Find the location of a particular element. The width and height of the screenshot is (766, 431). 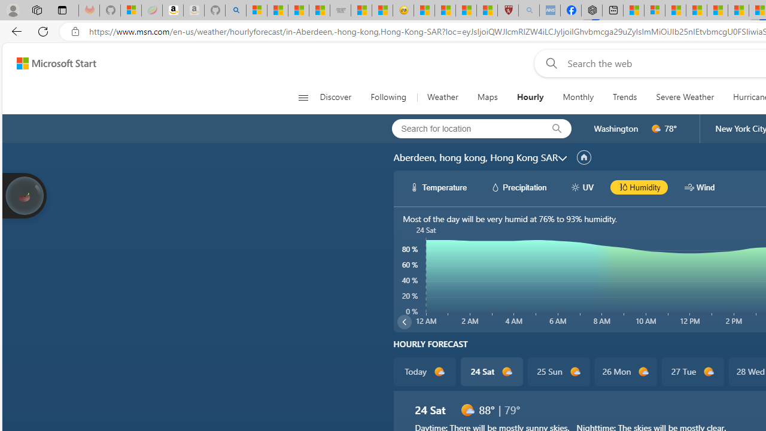

'hourlyChart/precipitationWhite Precipitation' is located at coordinates (518, 187).